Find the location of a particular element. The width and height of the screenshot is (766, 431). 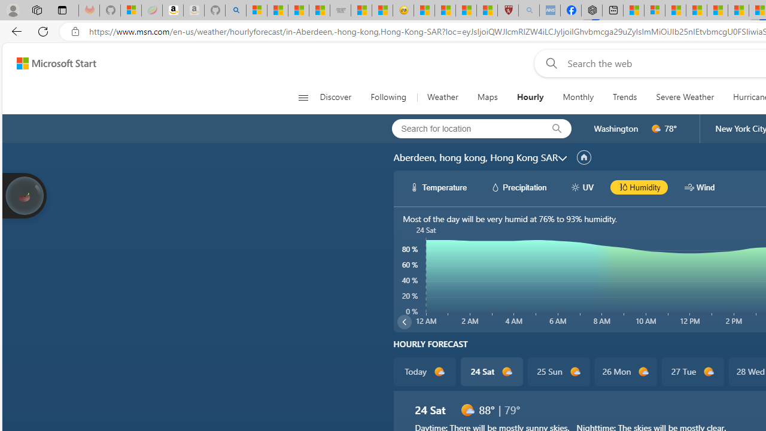

'hourlyChart/precipitationWhite Precipitation' is located at coordinates (518, 187).